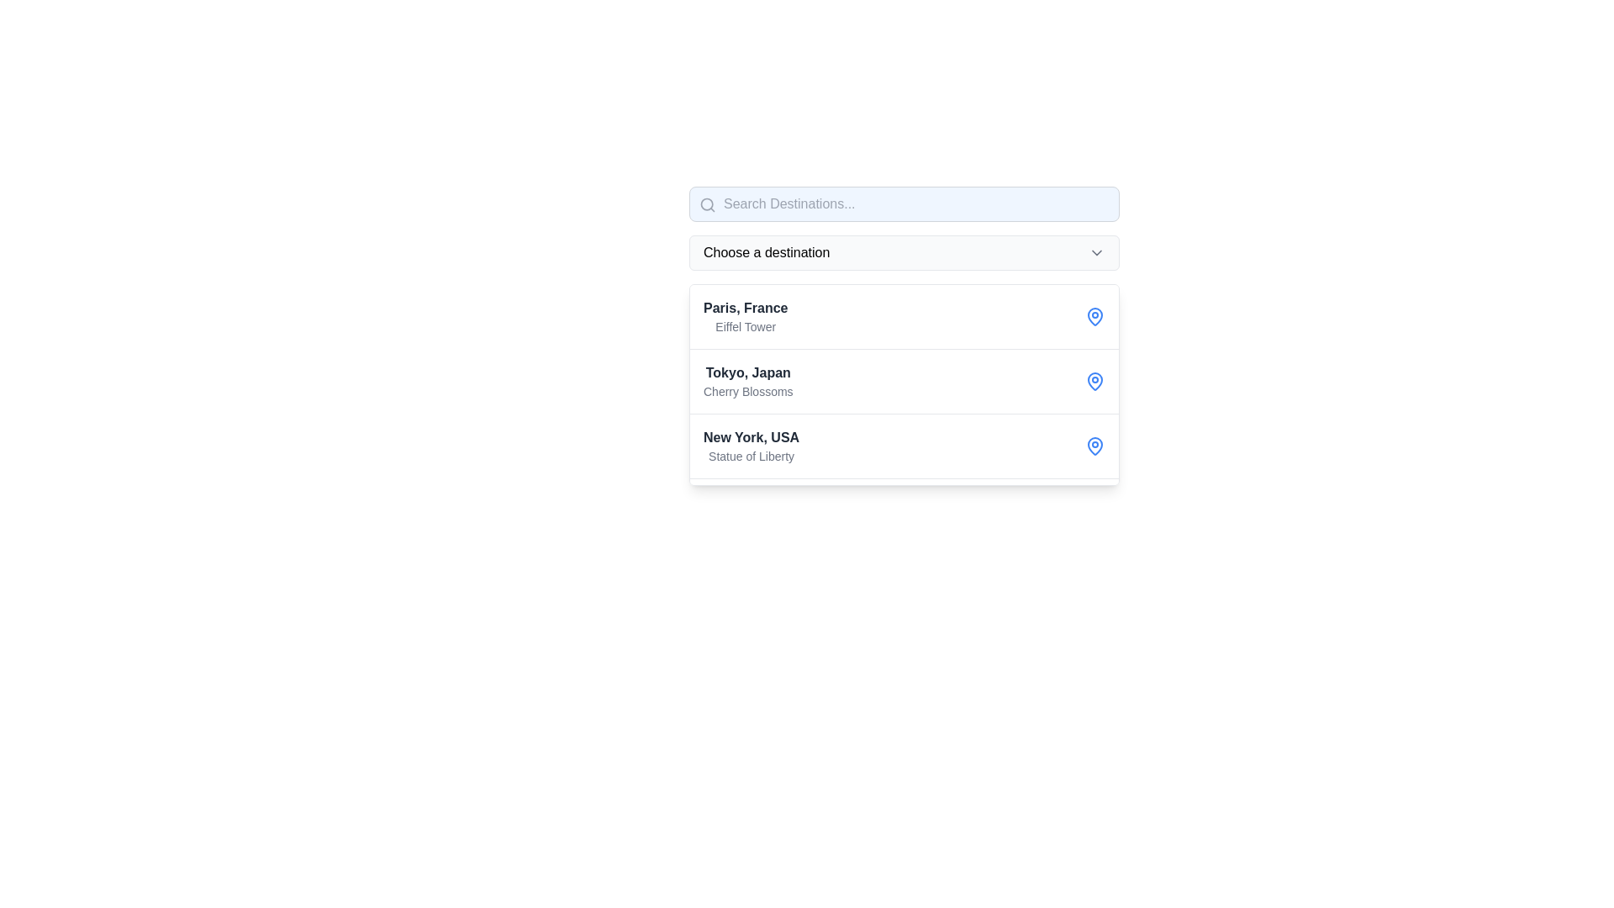 The image size is (1614, 908). What do you see at coordinates (903, 252) in the screenshot?
I see `the dropdown button located beneath the light blue search bar, which allows users to select a destination from a list of options, by using the keyboard for accessibility` at bounding box center [903, 252].